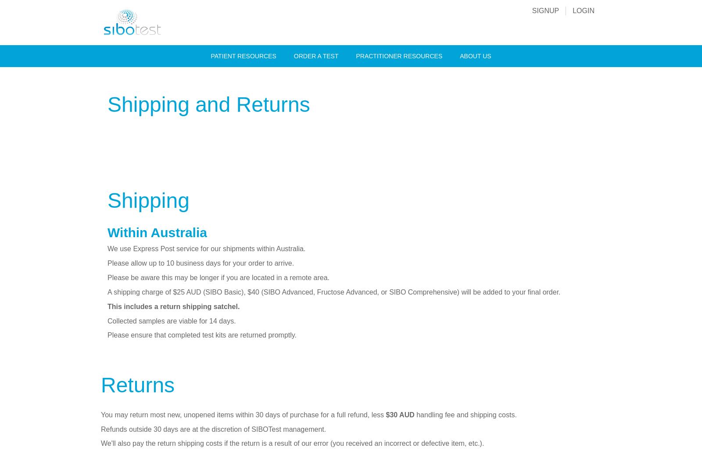 Image resolution: width=702 pixels, height=455 pixels. I want to click on 'This includes a return shipping satchel.', so click(173, 306).